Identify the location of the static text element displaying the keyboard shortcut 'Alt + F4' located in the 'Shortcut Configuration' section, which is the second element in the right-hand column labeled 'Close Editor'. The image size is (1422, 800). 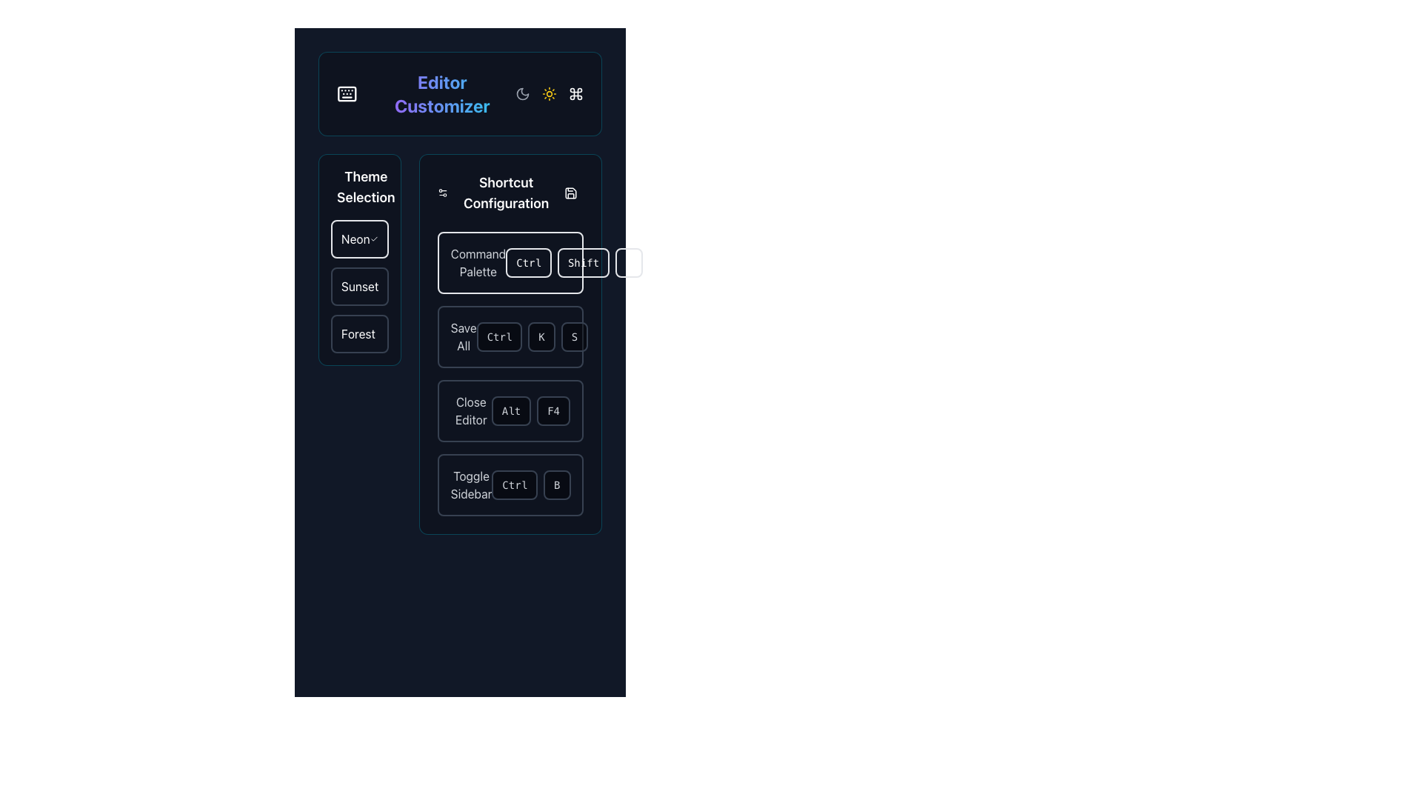
(530, 411).